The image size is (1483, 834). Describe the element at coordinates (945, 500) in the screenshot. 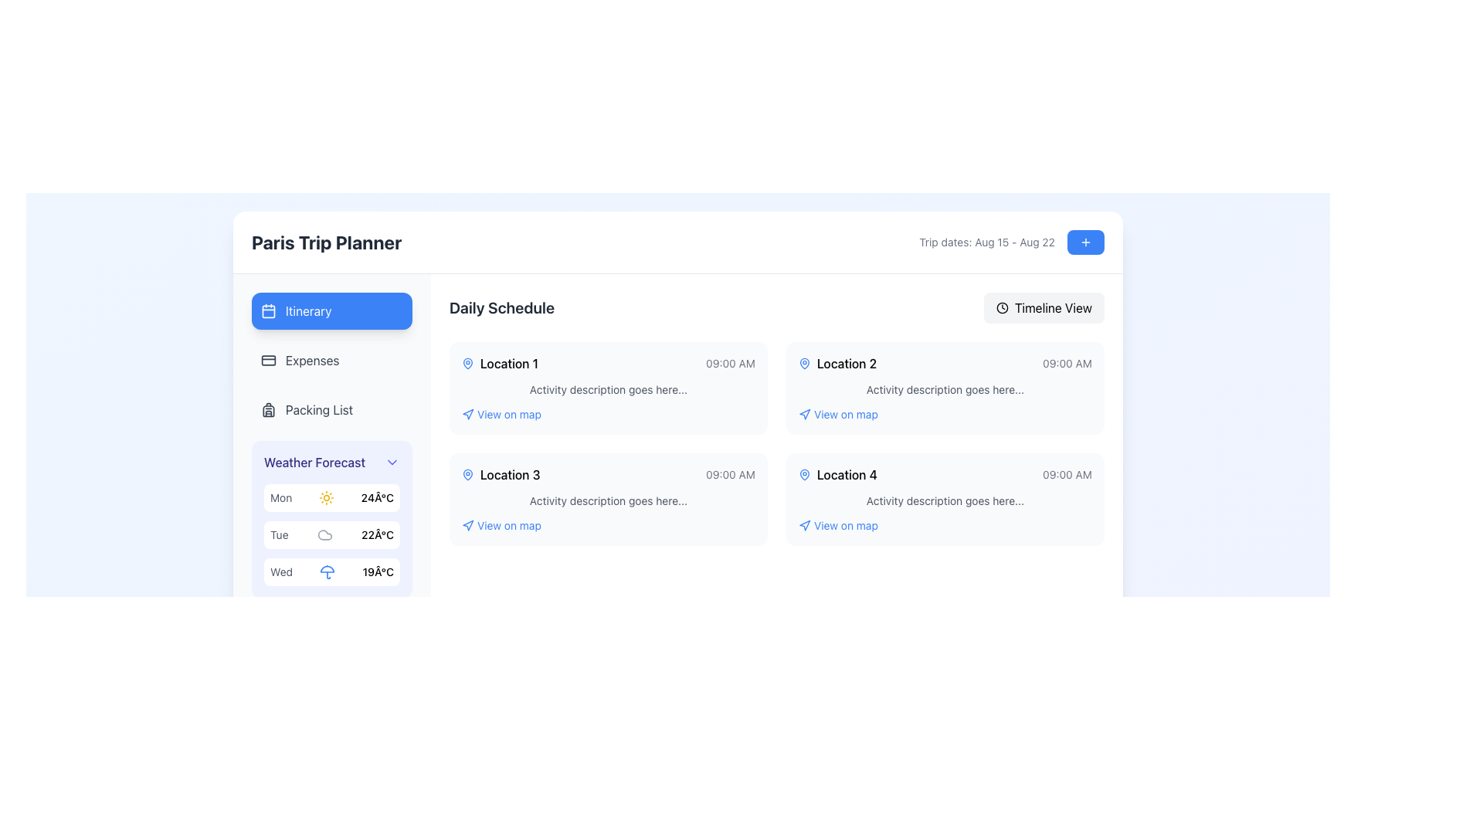

I see `the text label displaying the description of the activity related to 'Location 4', which is located beneath the title 'Location 4' and above the blue-link text 'View on map'` at that location.